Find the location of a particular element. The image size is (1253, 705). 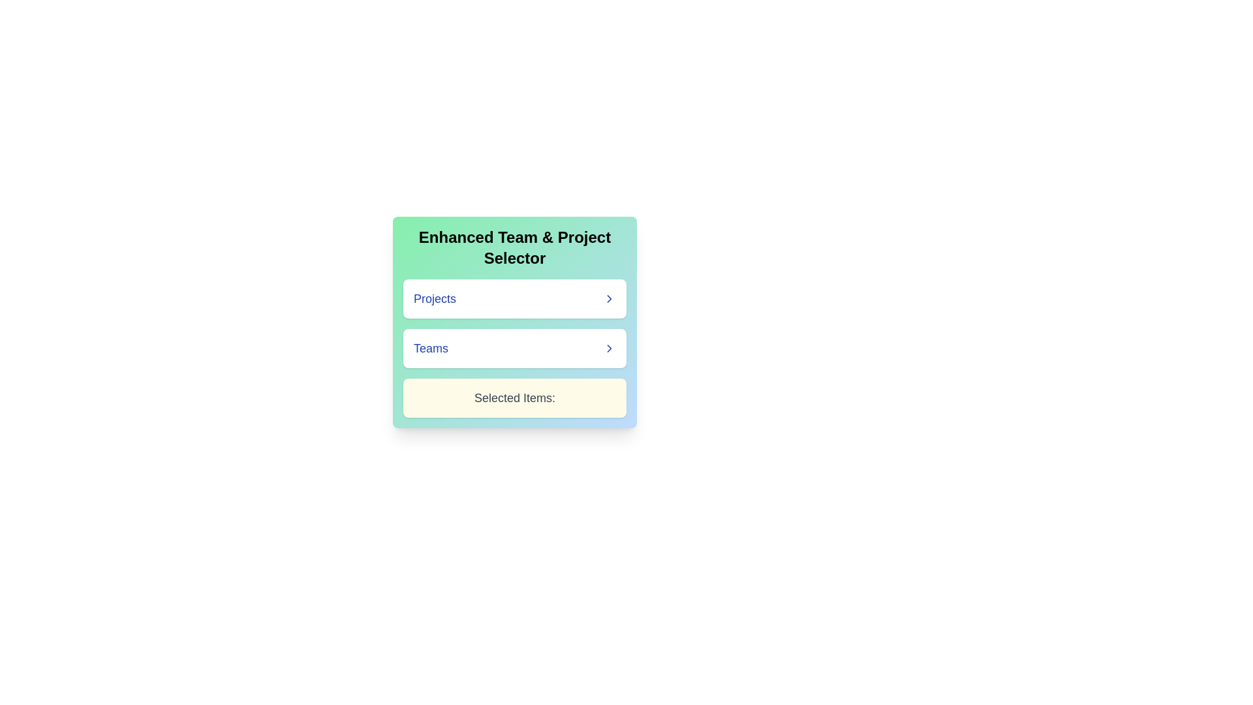

the Chevron Right icon located to the immediate right of the 'Projects' label is located at coordinates (609, 299).